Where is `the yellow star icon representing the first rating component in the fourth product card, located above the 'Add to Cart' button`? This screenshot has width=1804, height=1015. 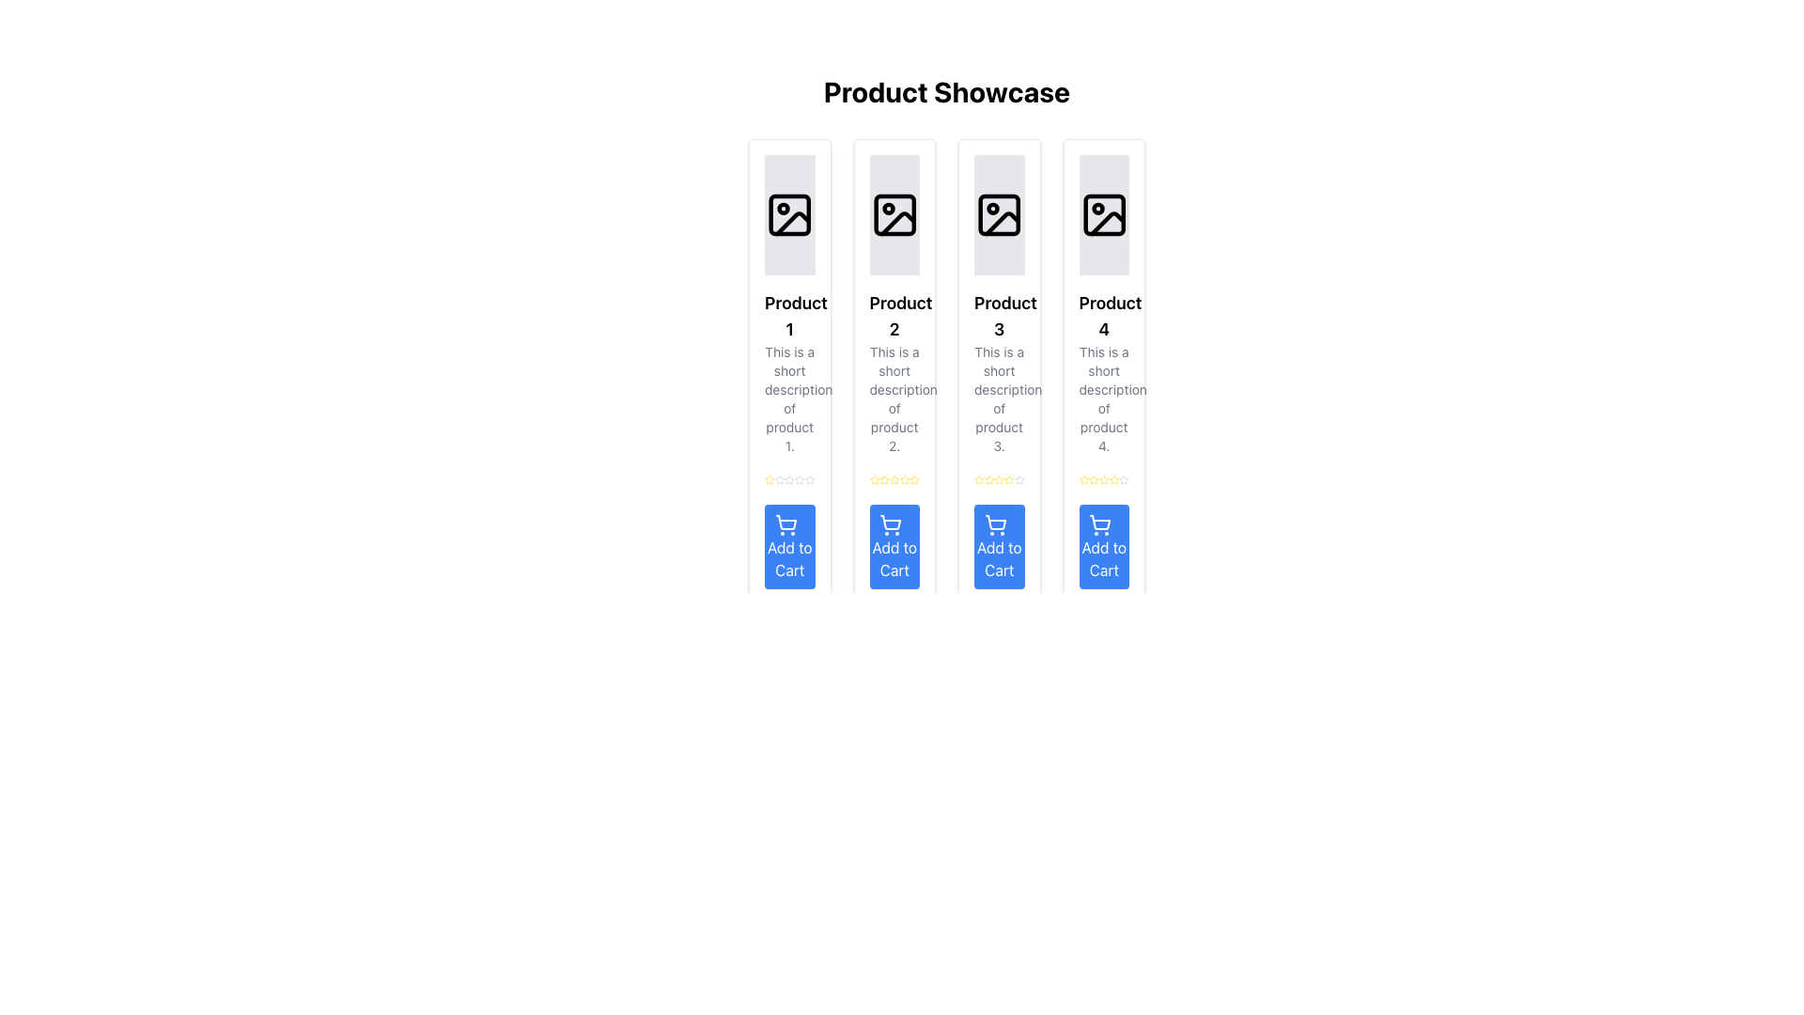 the yellow star icon representing the first rating component in the fourth product card, located above the 'Add to Cart' button is located at coordinates (1083, 478).